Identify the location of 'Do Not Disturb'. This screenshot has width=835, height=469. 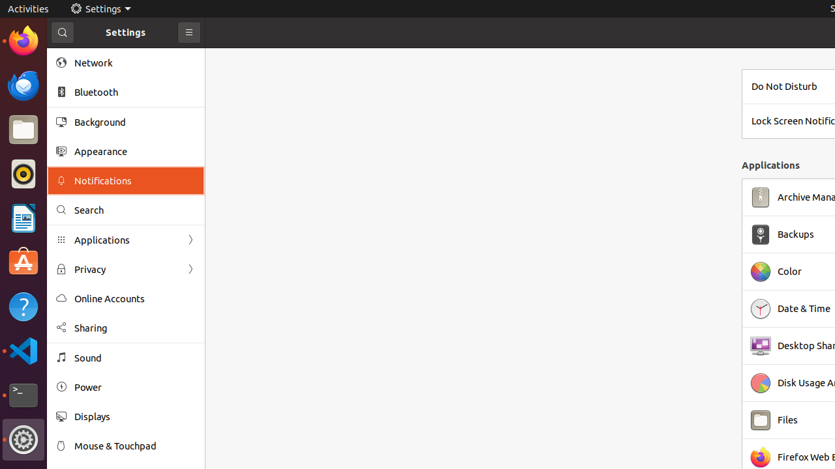
(783, 86).